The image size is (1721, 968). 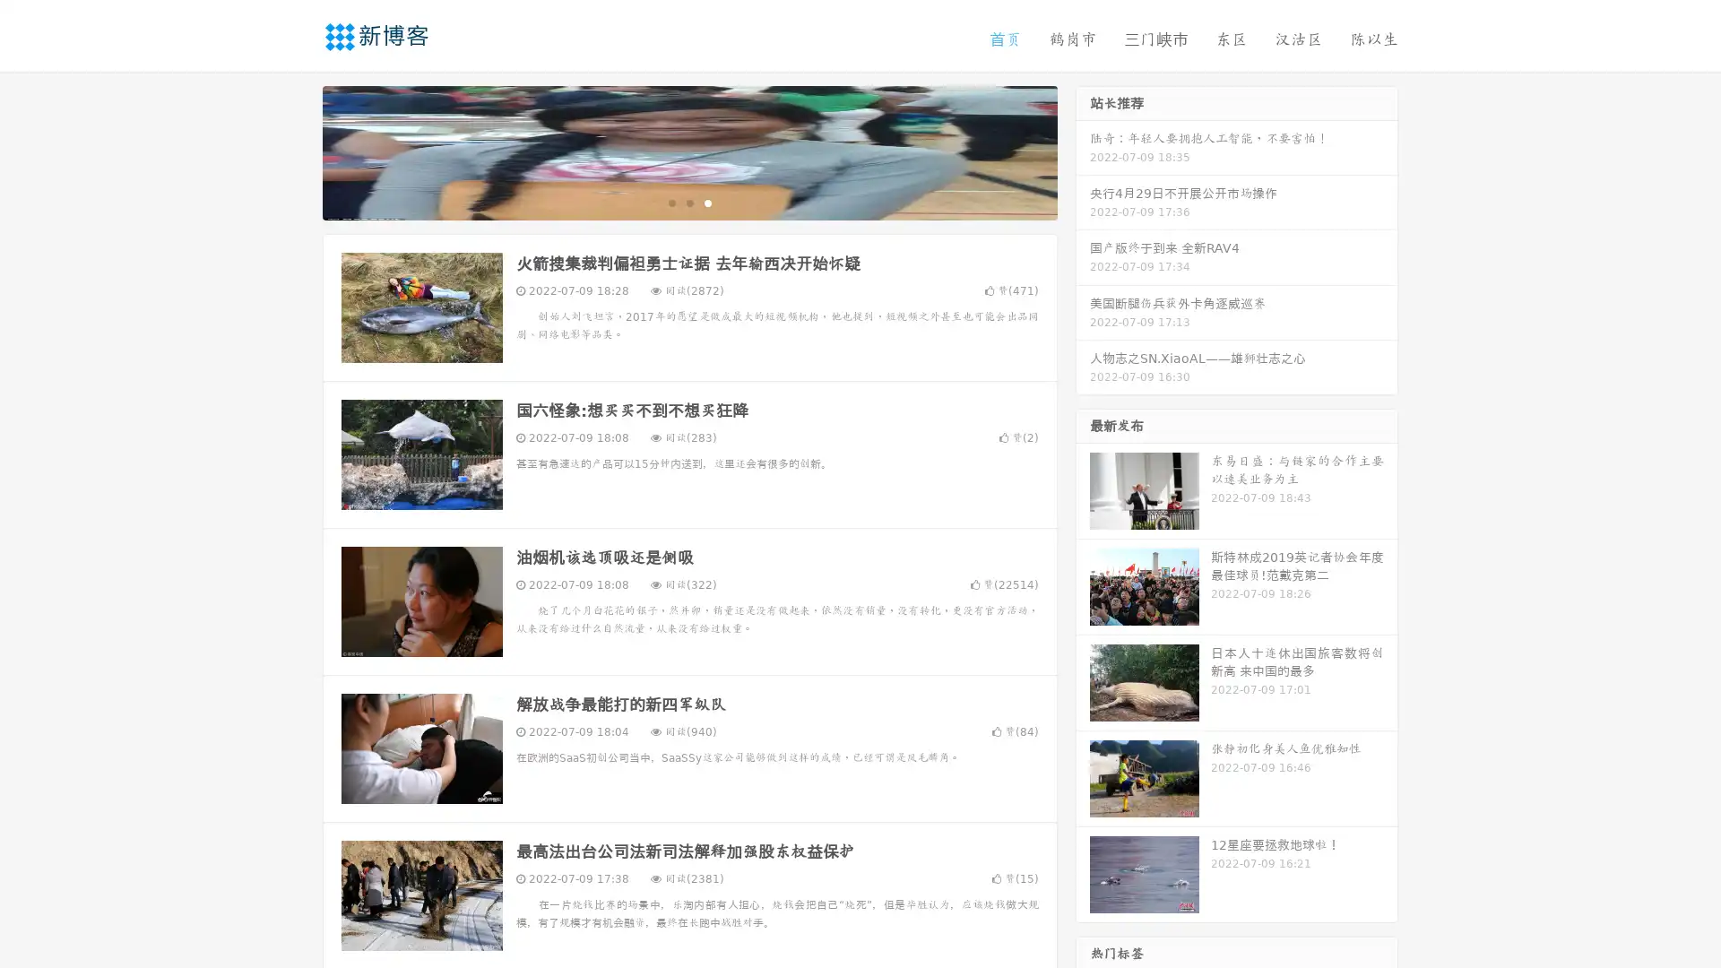 I want to click on Previous slide, so click(x=296, y=151).